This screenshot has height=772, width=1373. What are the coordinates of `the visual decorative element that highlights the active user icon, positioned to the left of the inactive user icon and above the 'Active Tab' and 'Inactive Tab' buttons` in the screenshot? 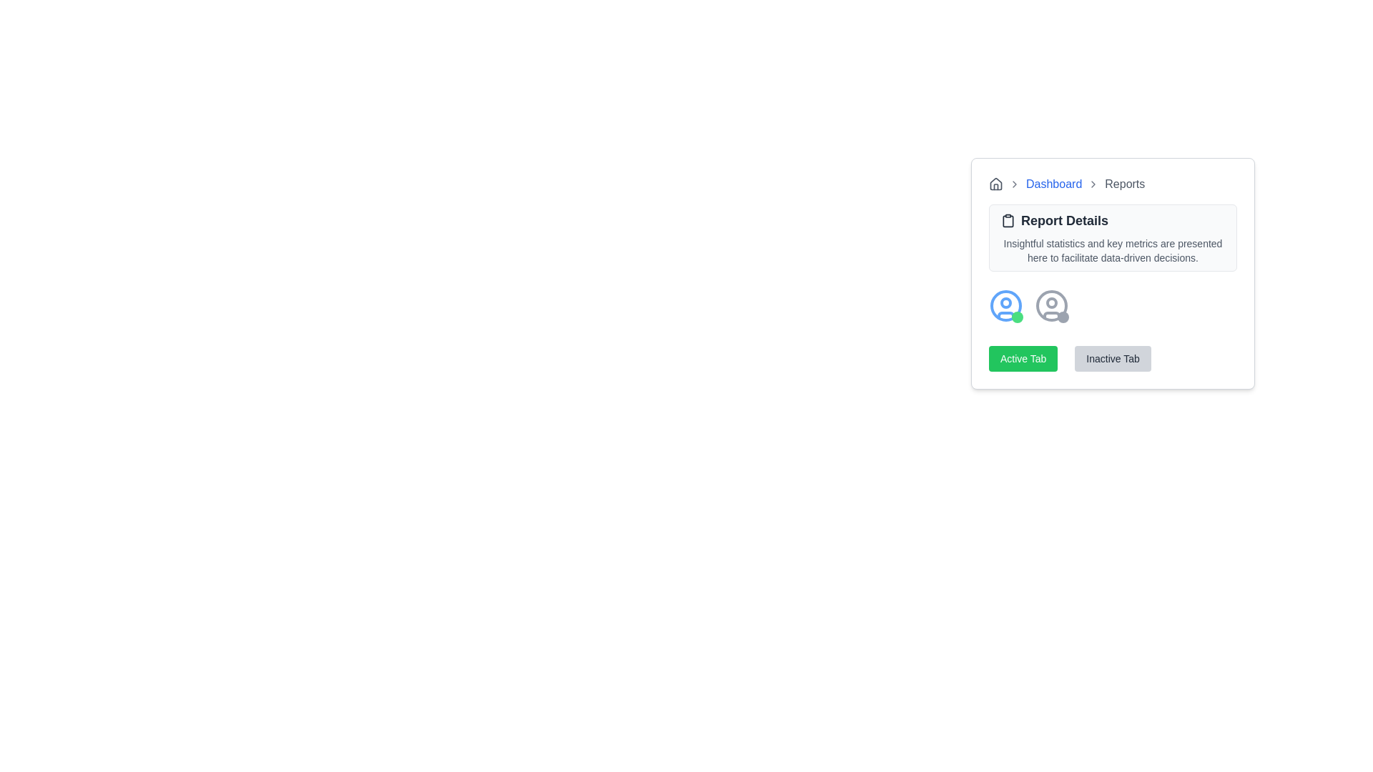 It's located at (1005, 305).